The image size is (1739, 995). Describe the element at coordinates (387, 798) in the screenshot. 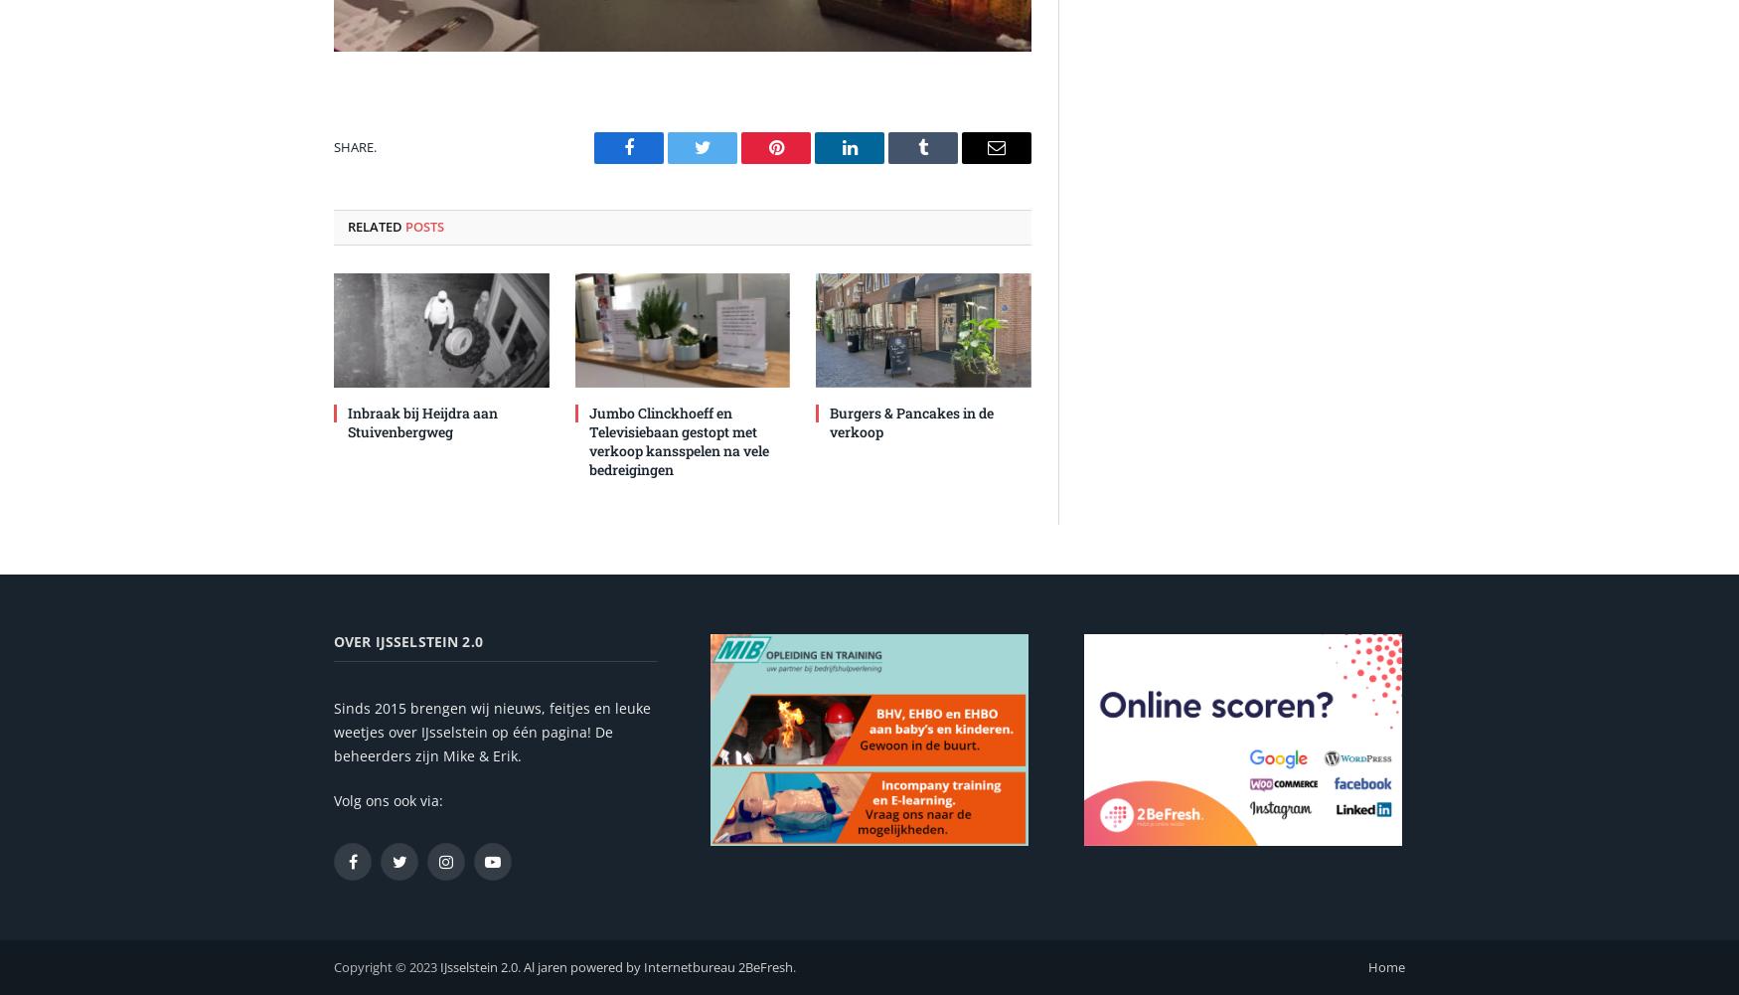

I see `'Volg ons ook via:'` at that location.